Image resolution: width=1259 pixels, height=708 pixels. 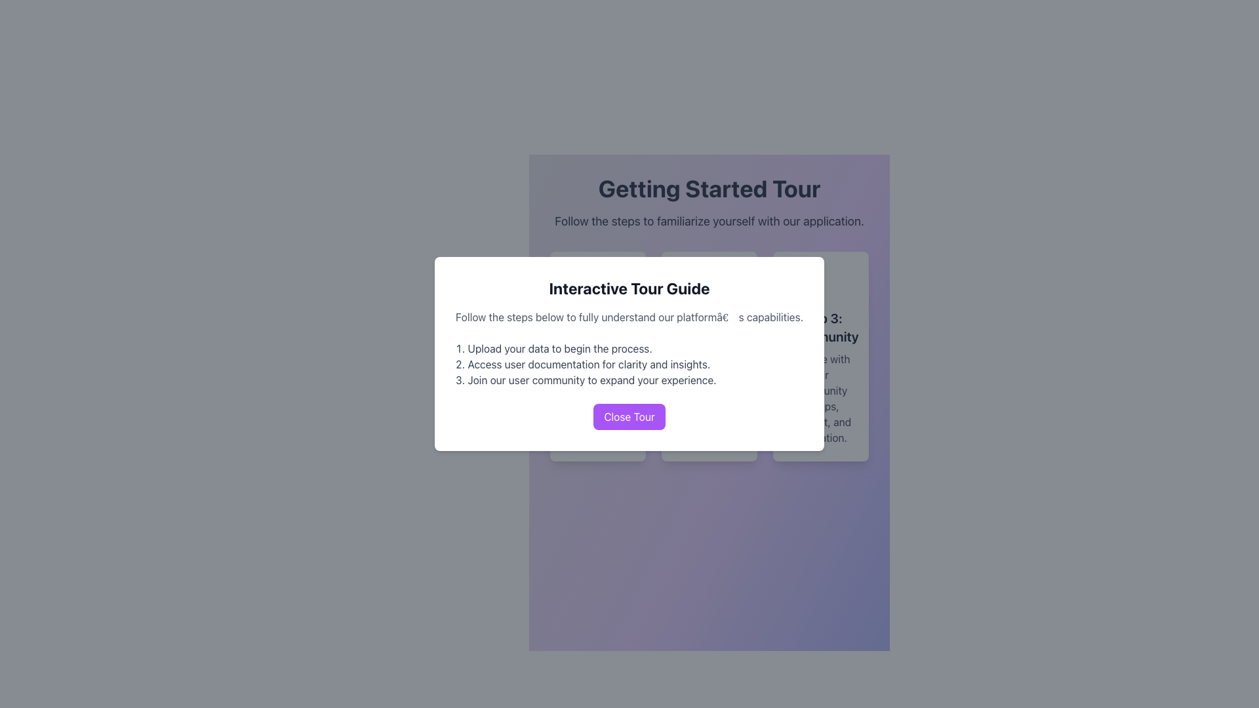 I want to click on text label at the top of the modal dialog, which serves as the heading title summarizing its purpose, so click(x=629, y=287).